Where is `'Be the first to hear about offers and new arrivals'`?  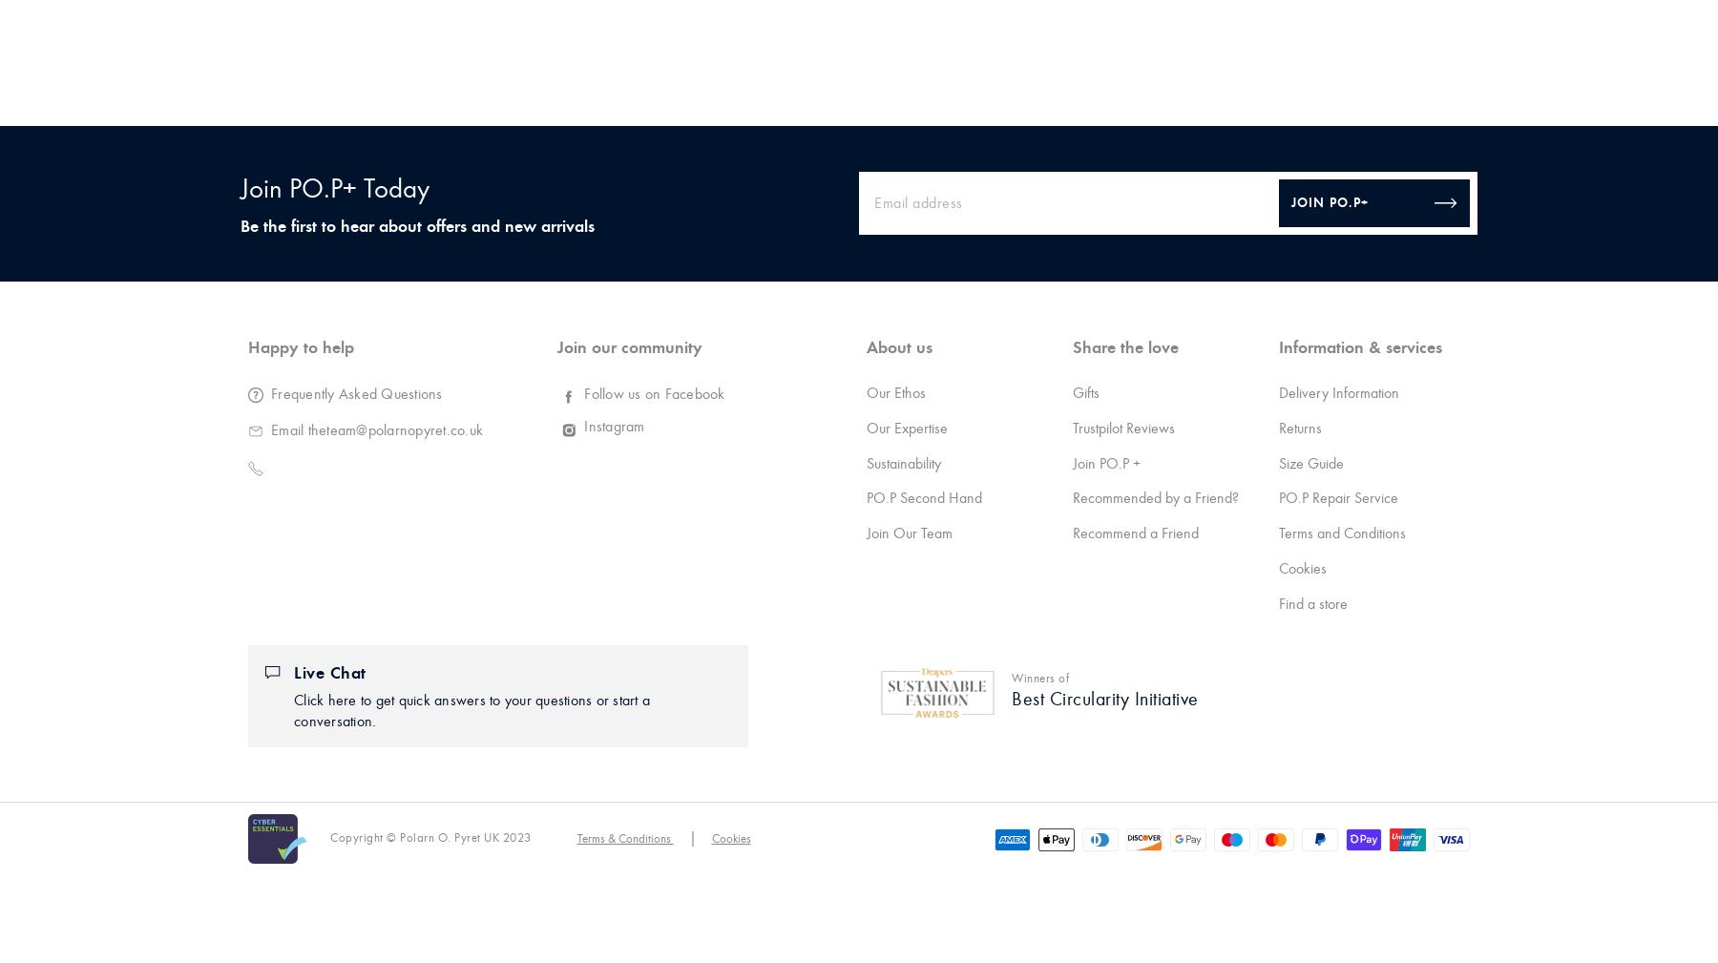
'Be the first to hear about offers and new arrivals' is located at coordinates (417, 224).